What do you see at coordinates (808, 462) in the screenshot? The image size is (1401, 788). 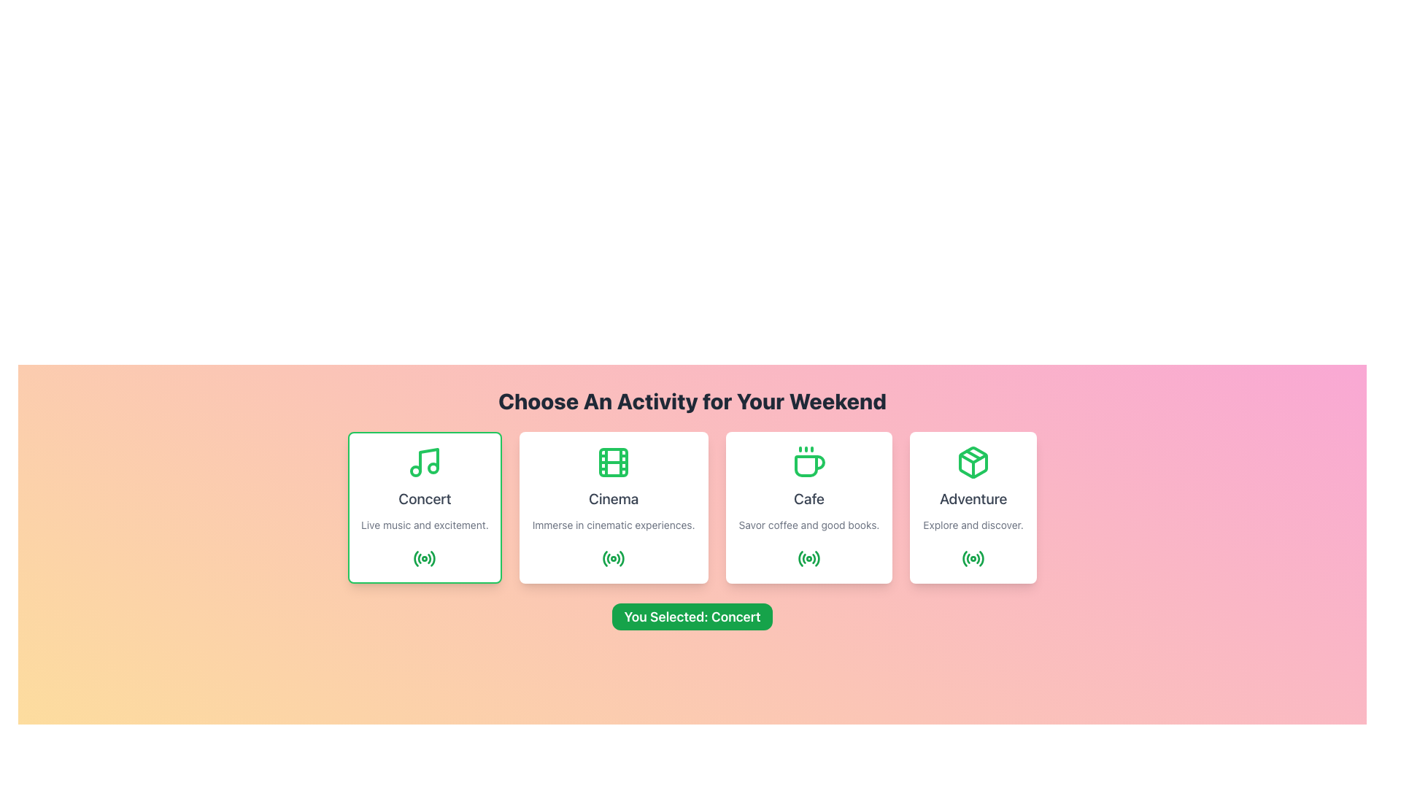 I see `the 'Cafe' card icon` at bounding box center [808, 462].